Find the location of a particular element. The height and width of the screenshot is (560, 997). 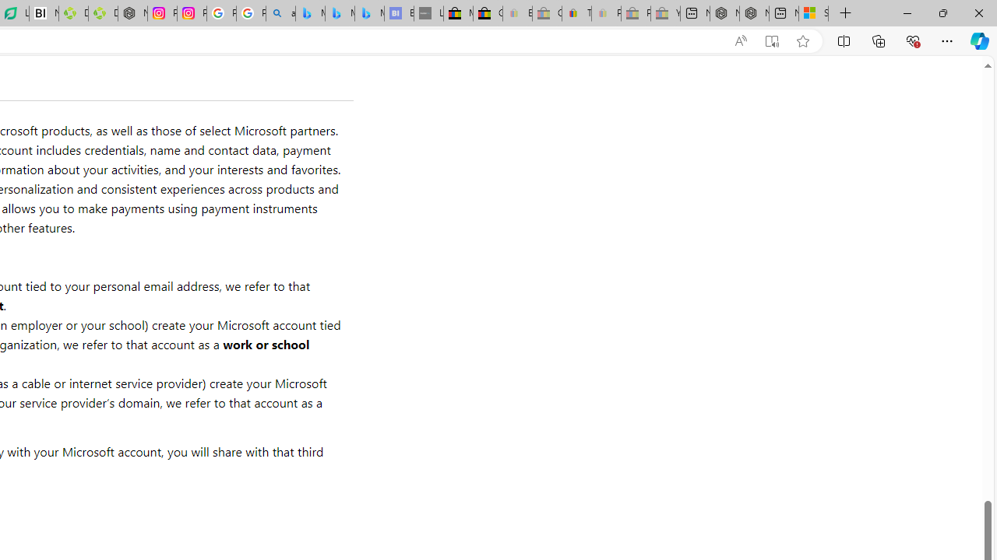

'Payments Terms of Use | eBay.com - Sleeping' is located at coordinates (605, 13).